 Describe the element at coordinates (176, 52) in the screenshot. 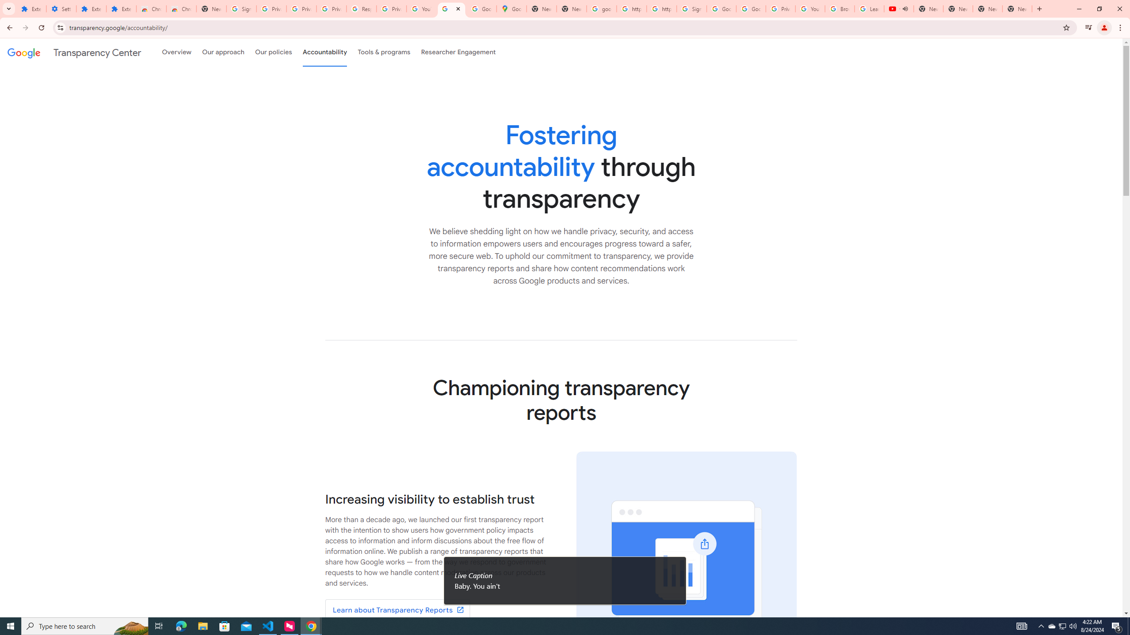

I see `'Overview'` at that location.